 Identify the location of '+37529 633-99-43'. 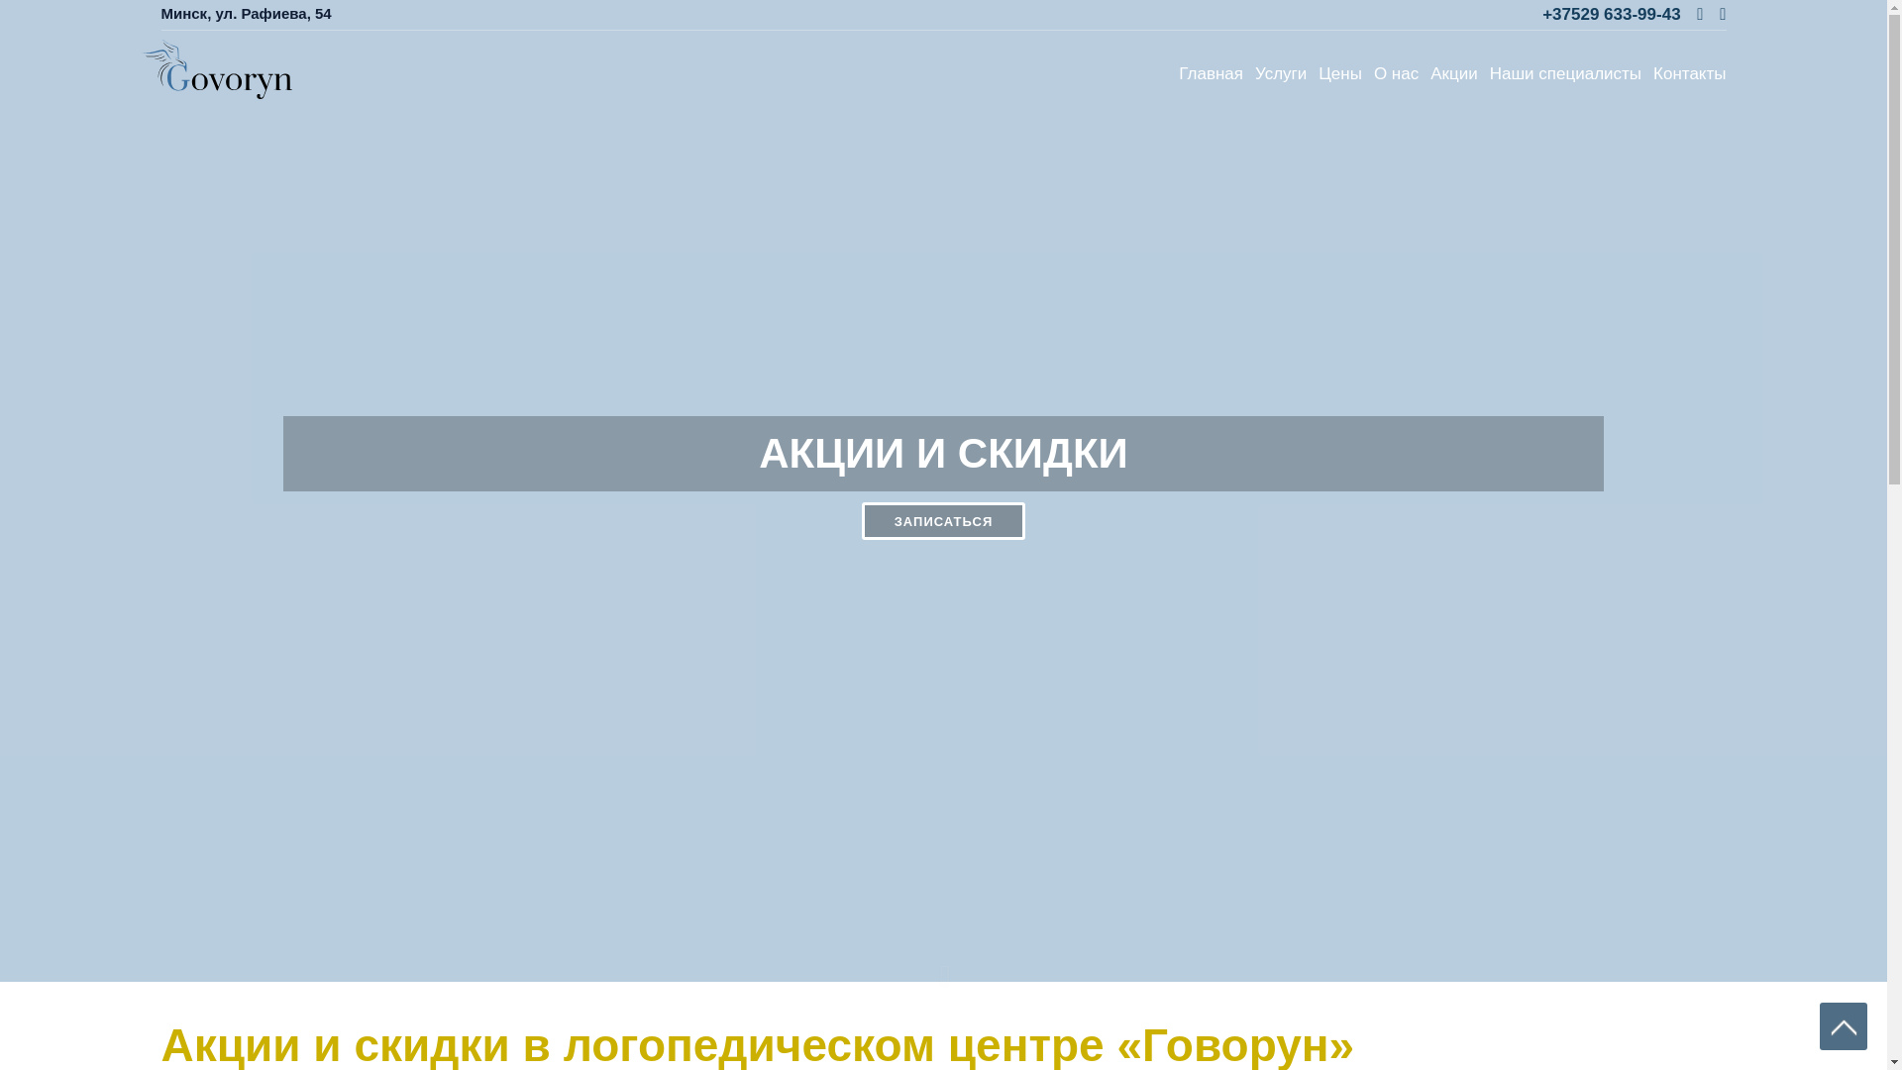
(1613, 14).